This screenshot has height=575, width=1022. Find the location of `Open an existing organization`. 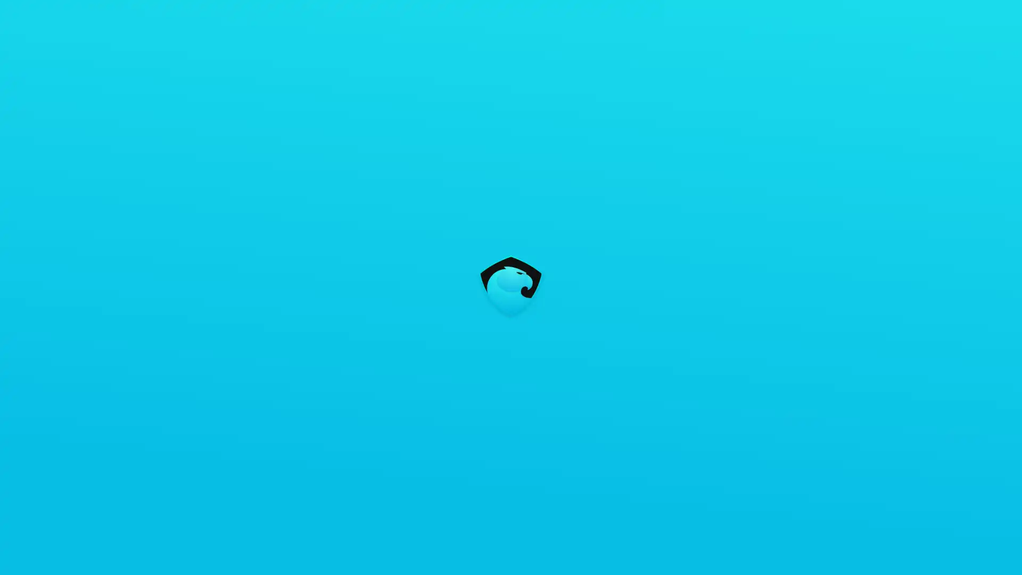

Open an existing organization is located at coordinates (436, 248).